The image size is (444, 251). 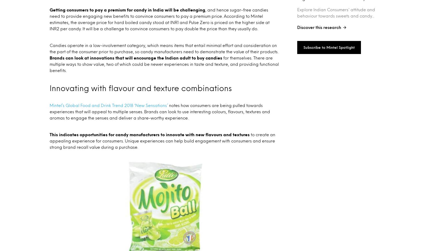 What do you see at coordinates (356, 196) in the screenshot?
I see `'Privacy Policy'` at bounding box center [356, 196].